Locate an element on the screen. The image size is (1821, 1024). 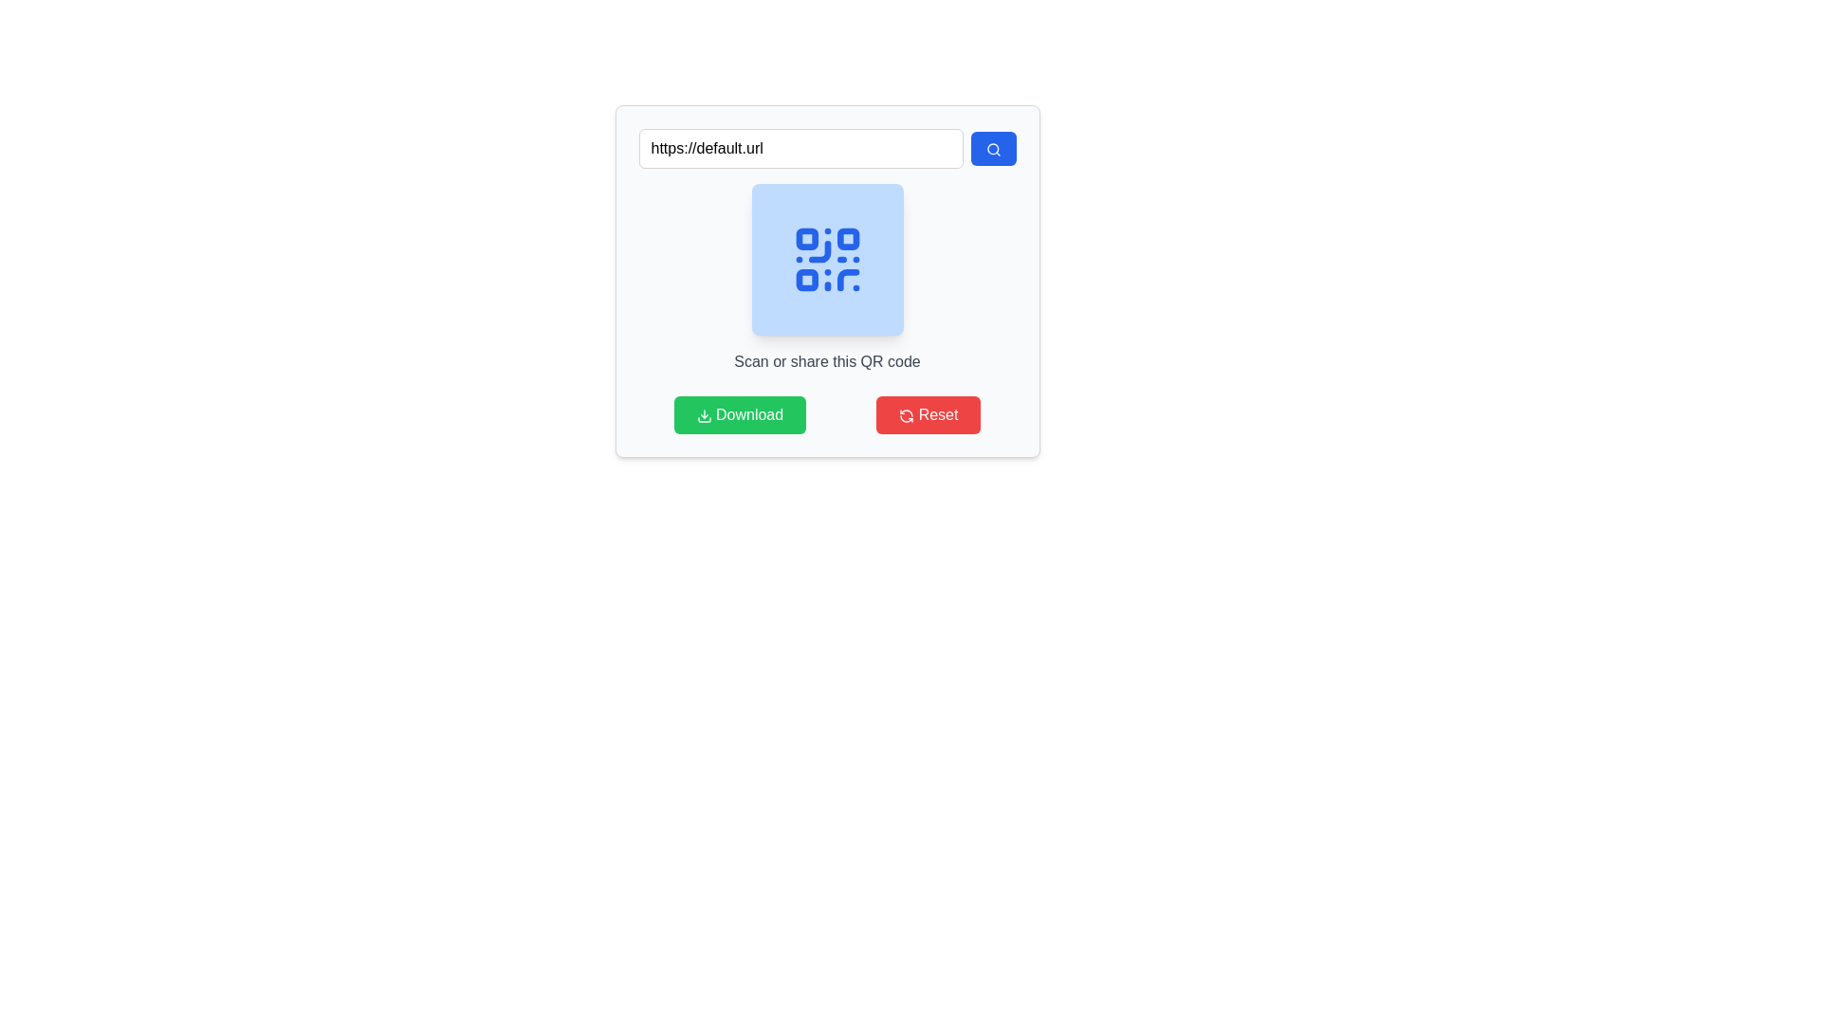
short curved line element of the QR code structure, which is colored blue and located in the lower right quadrant of the QR code graphic, using development tools is located at coordinates (847, 280).